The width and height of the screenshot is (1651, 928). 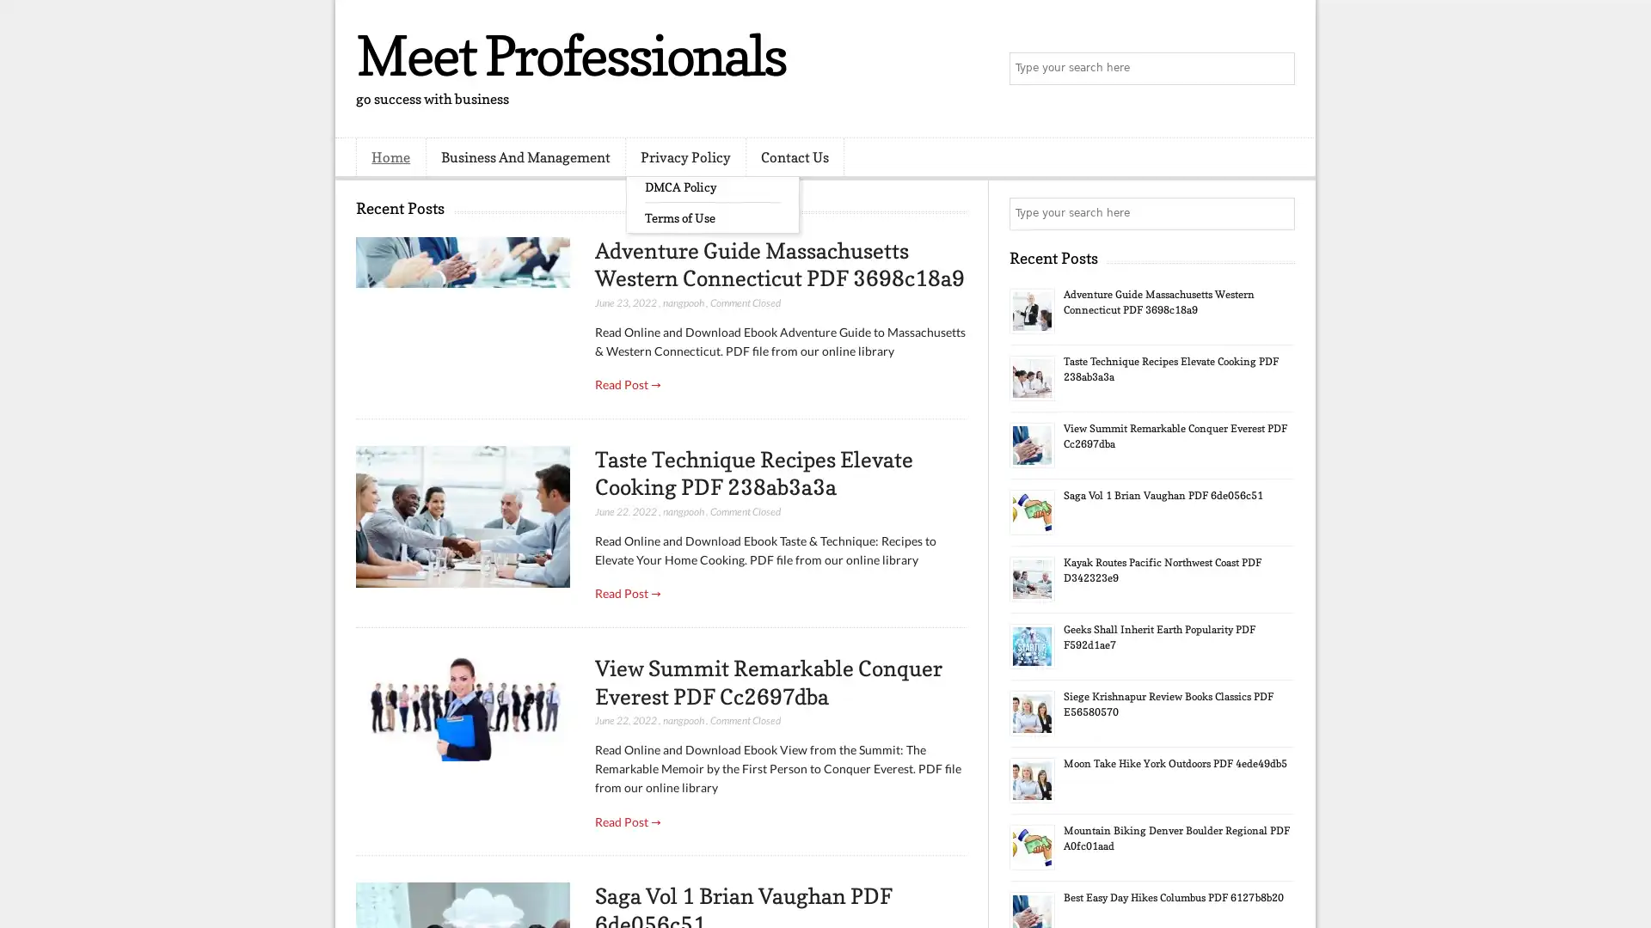 What do you see at coordinates (1277, 213) in the screenshot?
I see `Search` at bounding box center [1277, 213].